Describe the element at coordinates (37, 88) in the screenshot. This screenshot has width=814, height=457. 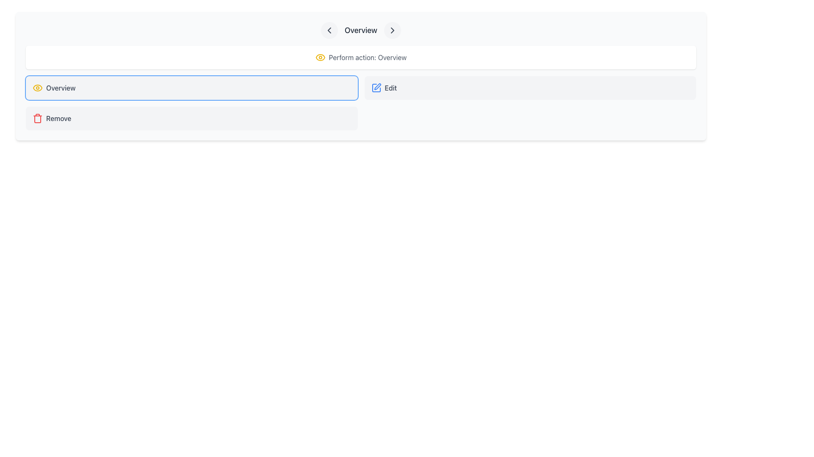
I see `the yellow eye icon located to the left of the 'Overview' text, inside a rounded rectangular area with a light gray background, to trigger the tooltip or visual feedback` at that location.